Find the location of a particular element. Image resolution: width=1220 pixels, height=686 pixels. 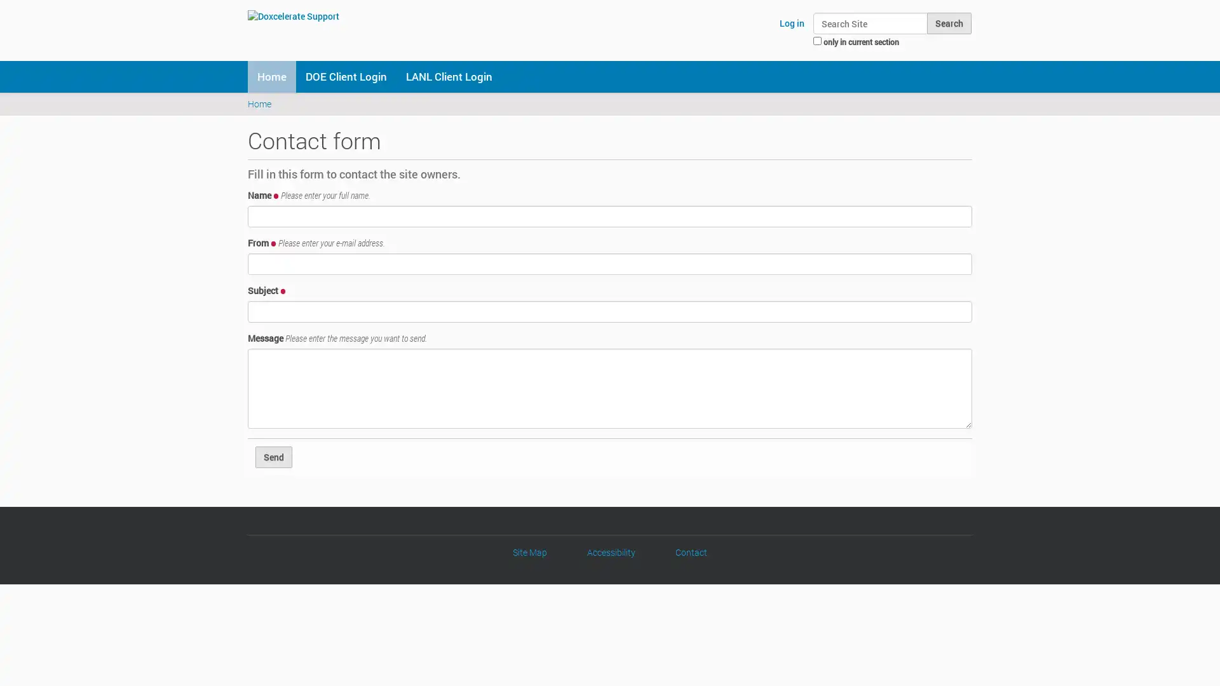

Search is located at coordinates (949, 24).